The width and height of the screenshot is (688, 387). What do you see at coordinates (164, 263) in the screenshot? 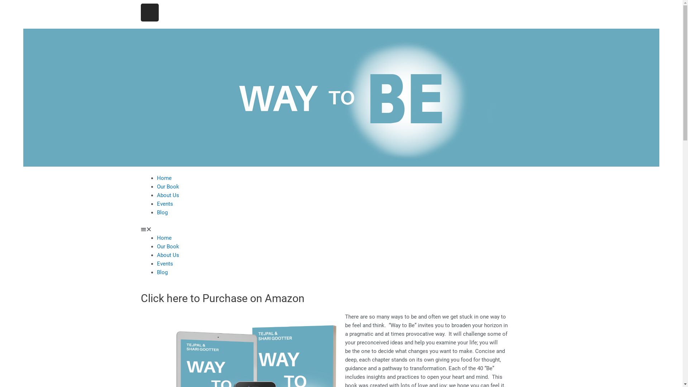
I see `'Events'` at bounding box center [164, 263].